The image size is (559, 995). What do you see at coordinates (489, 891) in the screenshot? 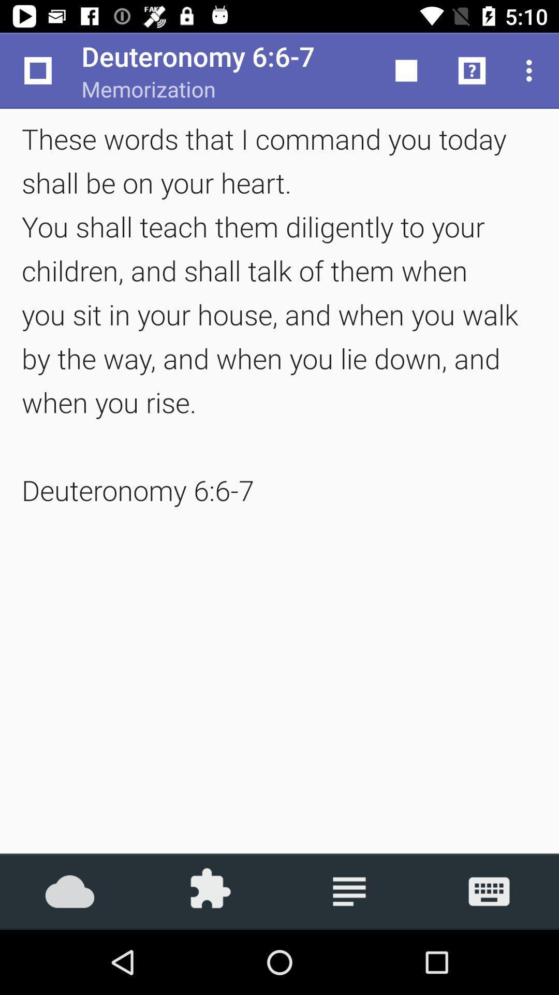
I see `bring up keyboard` at bounding box center [489, 891].